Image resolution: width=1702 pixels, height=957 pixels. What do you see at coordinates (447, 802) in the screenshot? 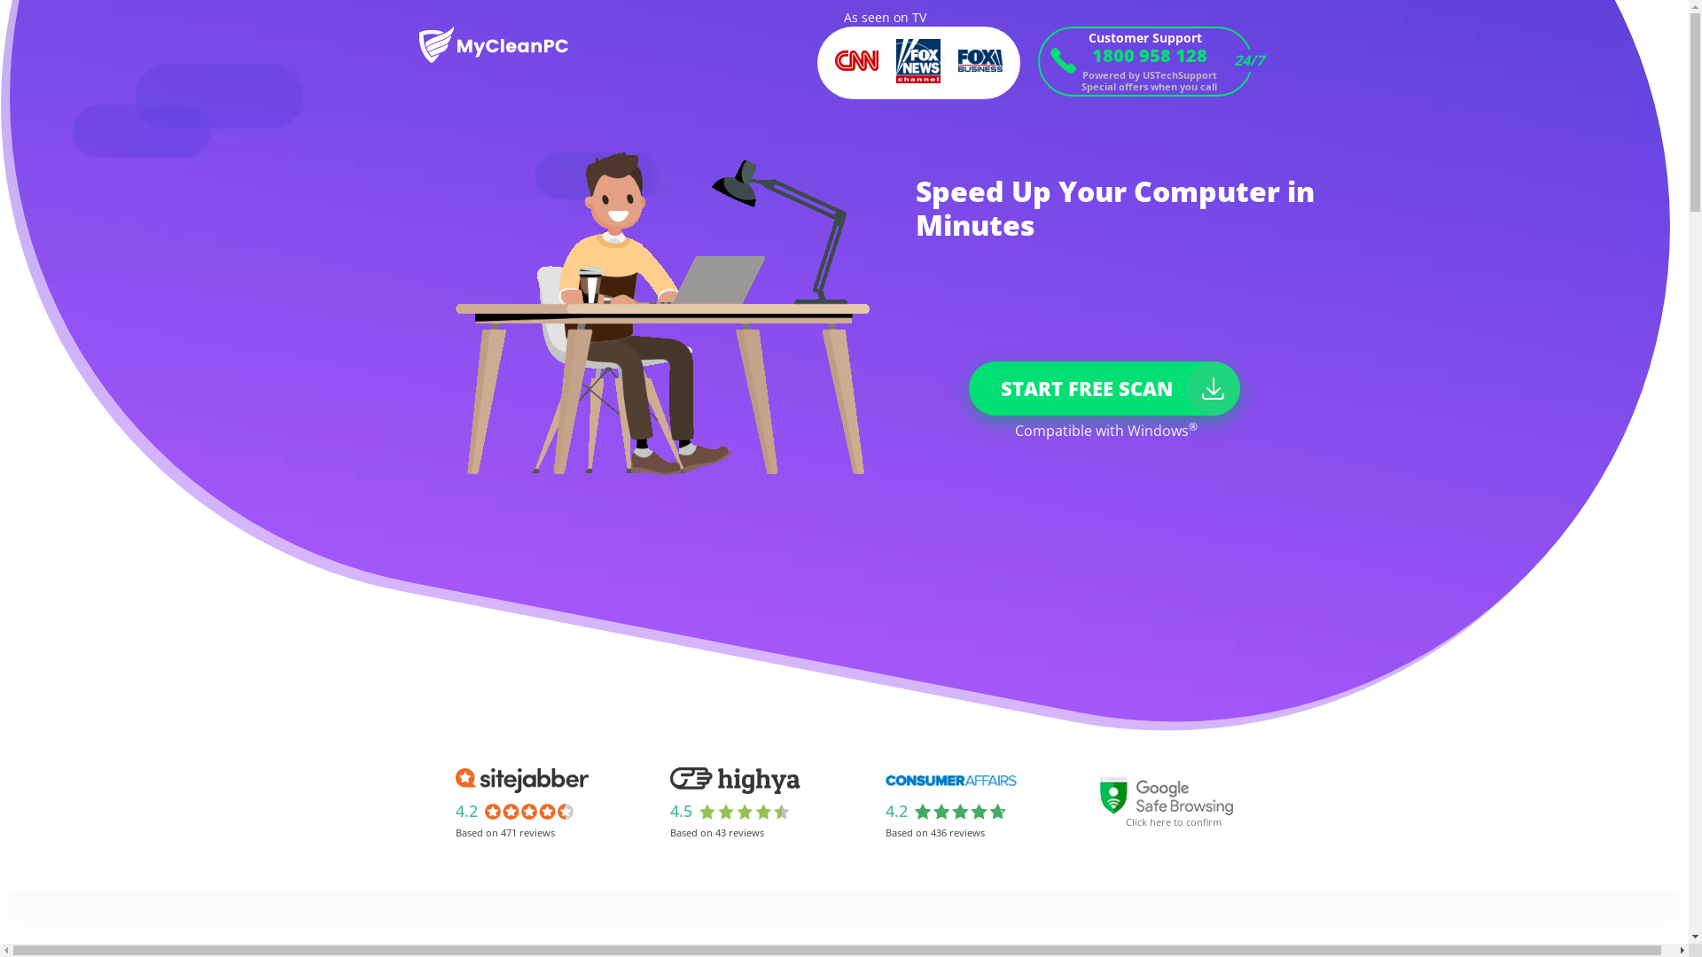
I see `'Based on 471 reviews` at bounding box center [447, 802].